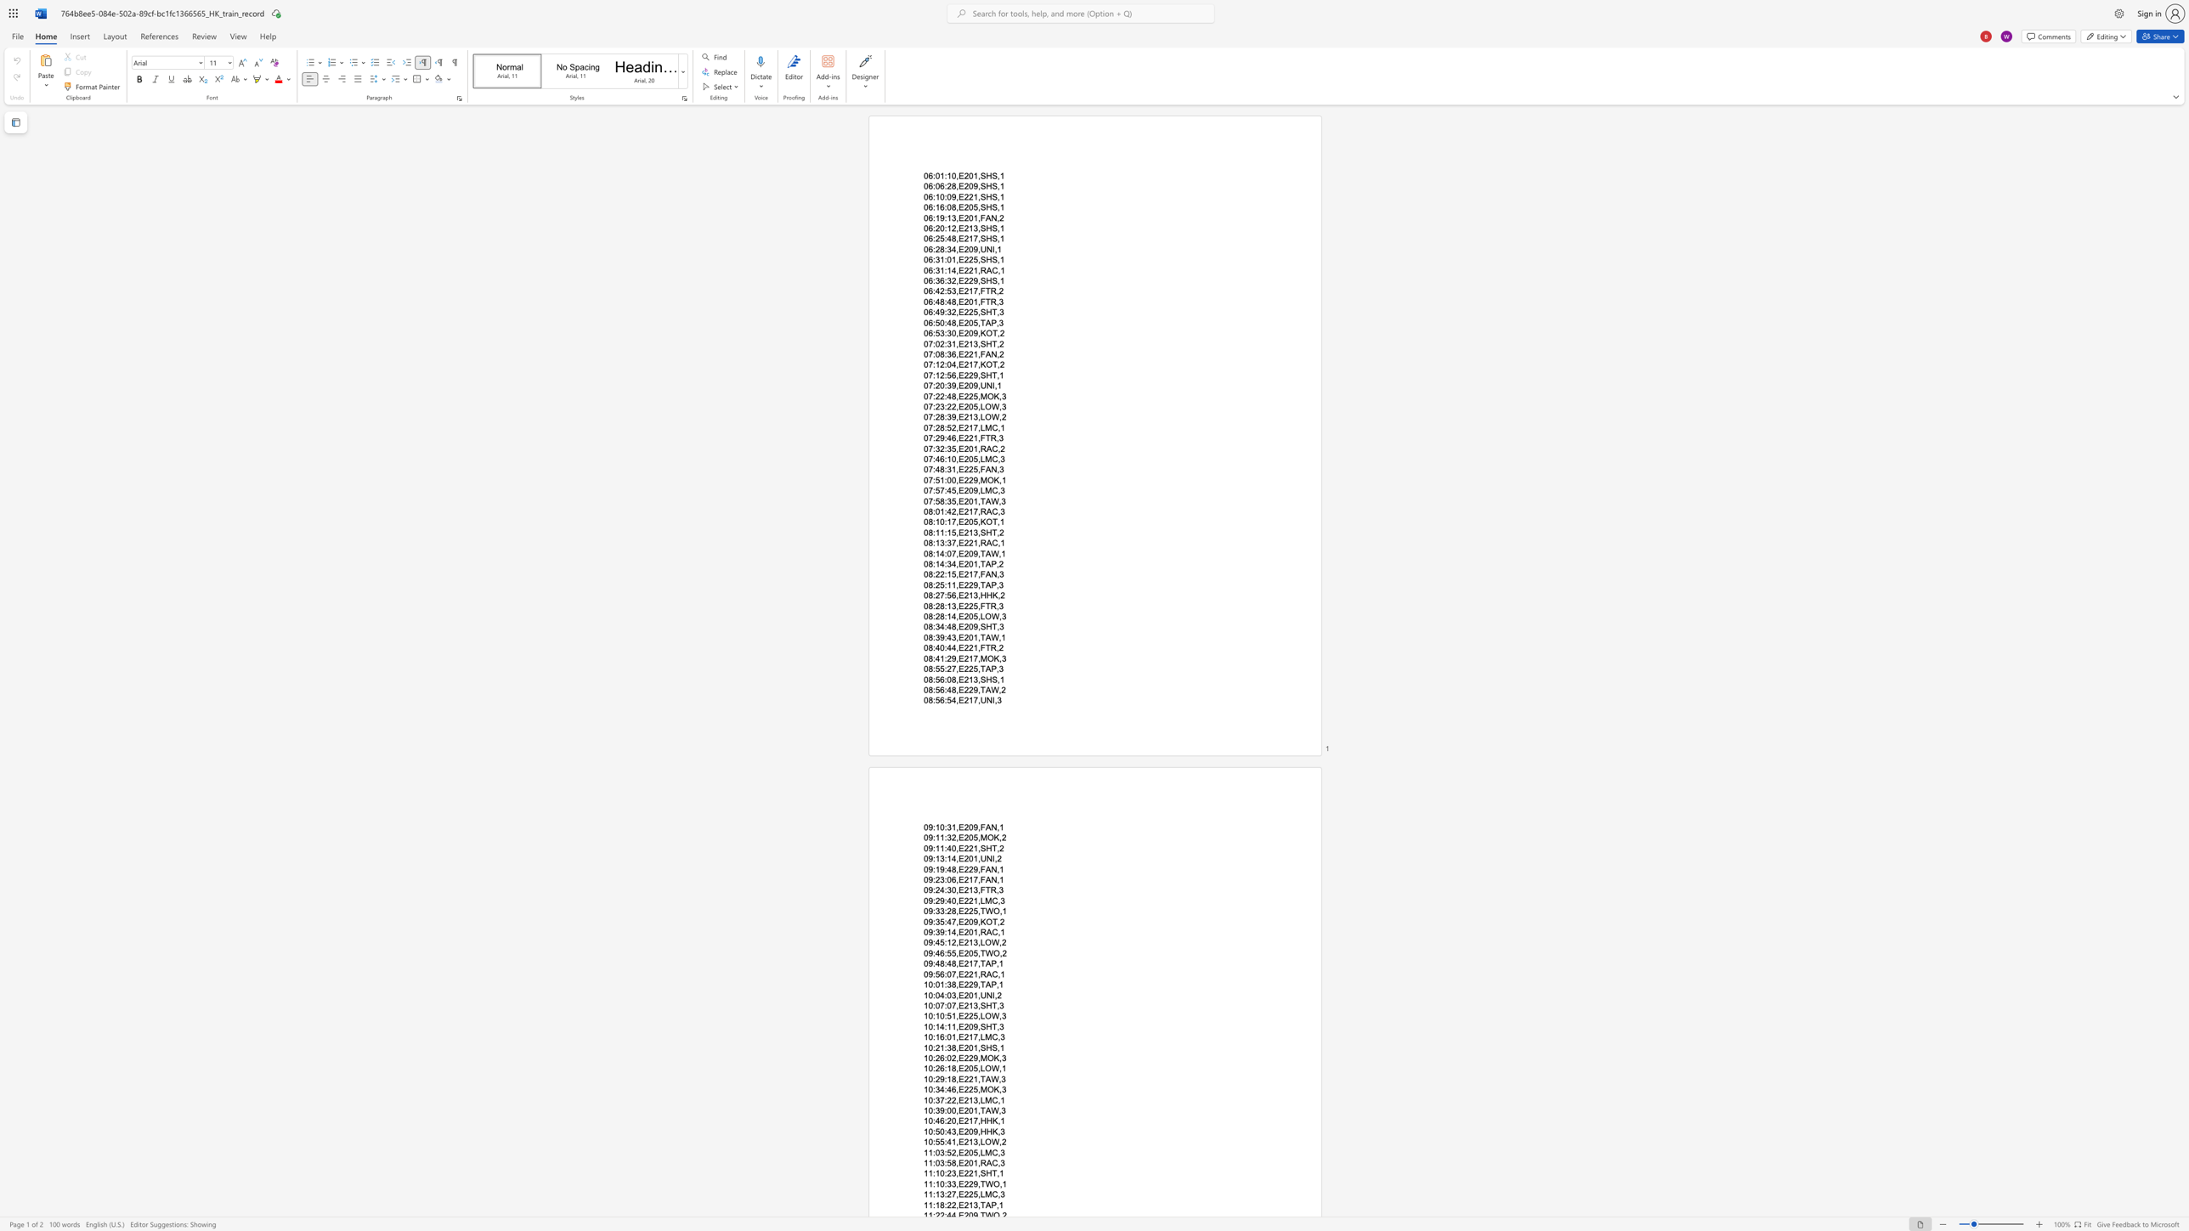 The image size is (2189, 1231). Describe the element at coordinates (944, 301) in the screenshot. I see `the space between the continuous character "8" and ":" in the text` at that location.